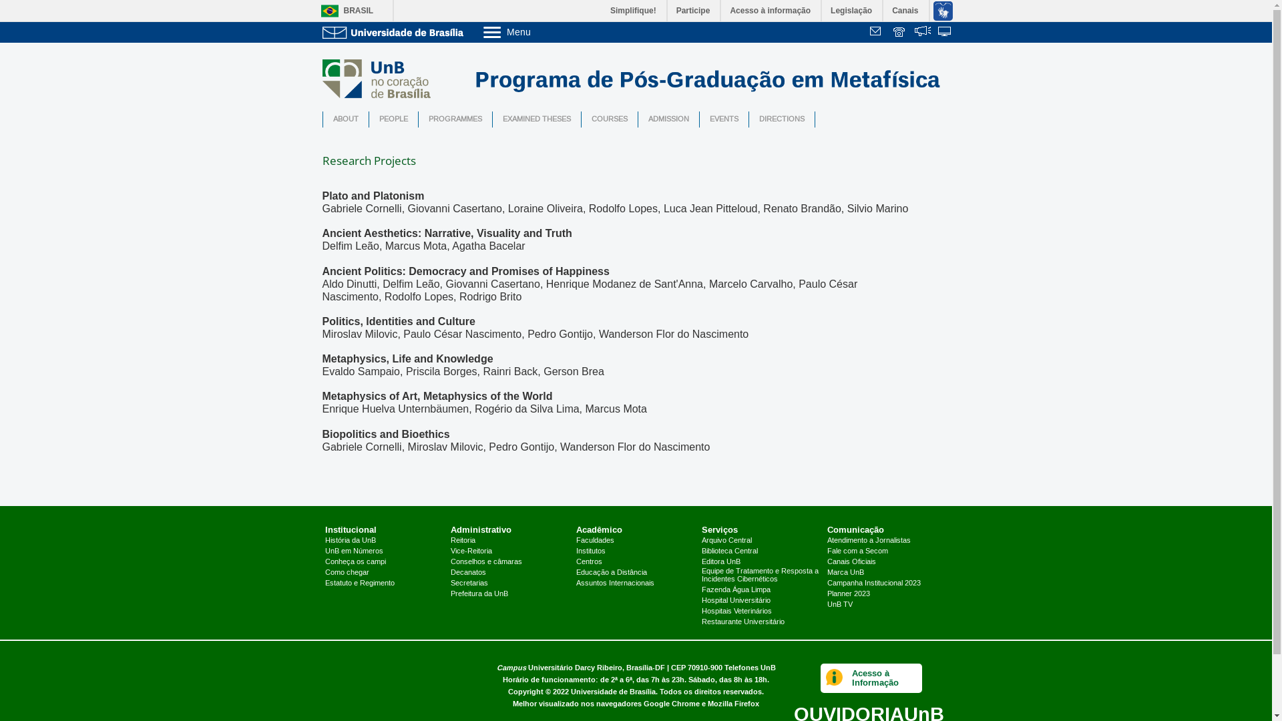  I want to click on 'Reitoria', so click(463, 541).